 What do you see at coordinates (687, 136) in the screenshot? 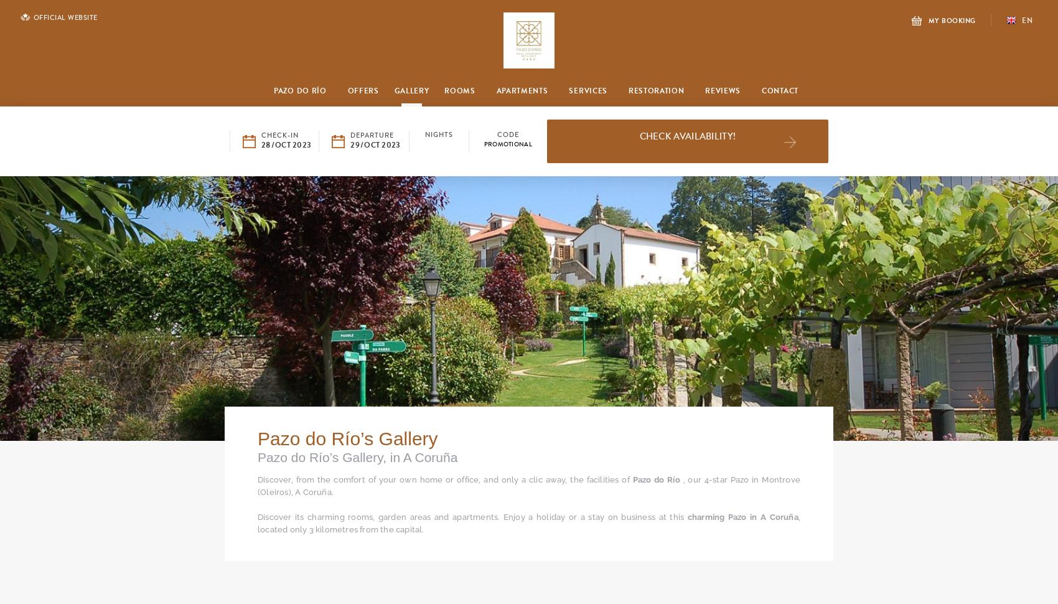
I see `'Check availability!'` at bounding box center [687, 136].